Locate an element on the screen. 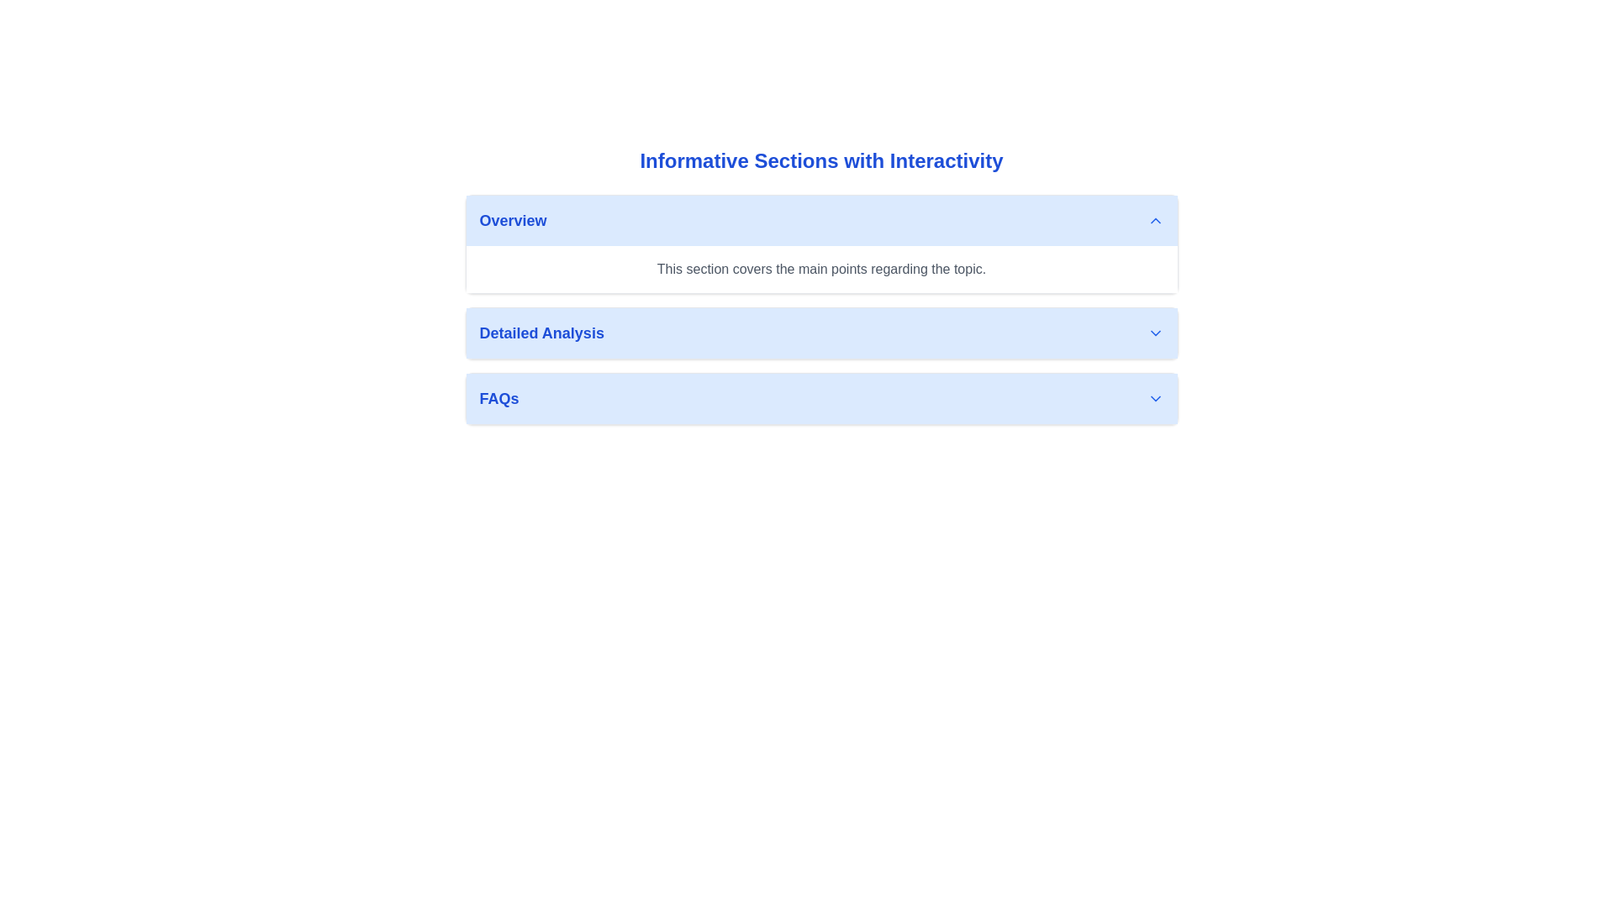  the Icon Button (Chevron Up) located on the right side of the 'Overview' section's header bar is located at coordinates (1154, 219).